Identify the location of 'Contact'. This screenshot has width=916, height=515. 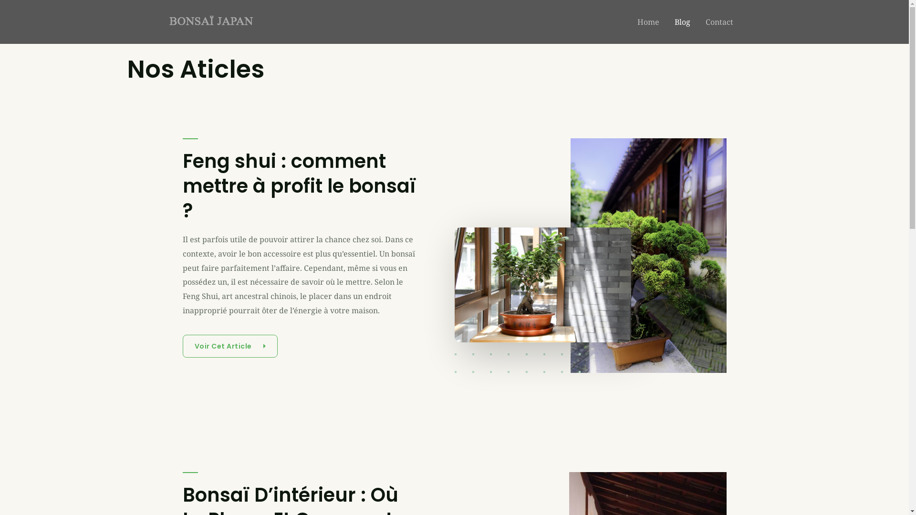
(719, 21).